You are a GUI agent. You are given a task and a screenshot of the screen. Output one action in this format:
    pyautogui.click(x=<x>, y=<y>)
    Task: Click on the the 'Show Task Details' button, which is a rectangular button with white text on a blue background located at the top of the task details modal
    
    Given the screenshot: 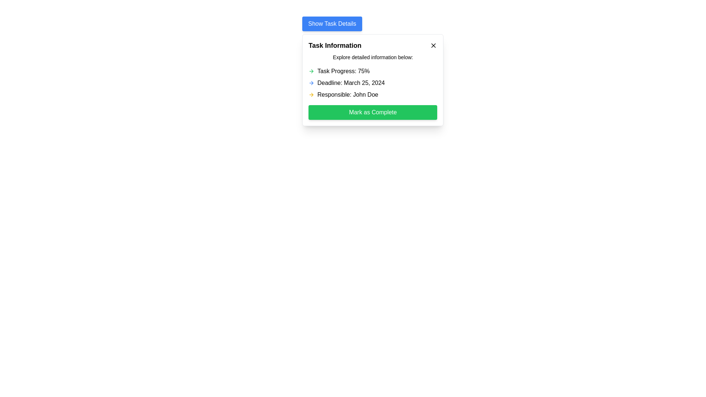 What is the action you would take?
    pyautogui.click(x=332, y=24)
    